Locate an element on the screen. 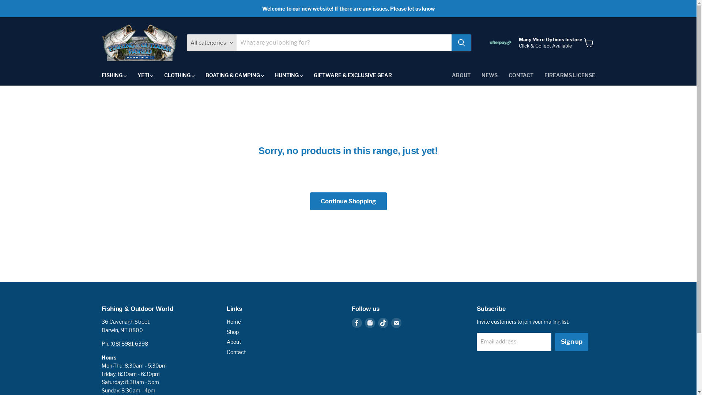 The width and height of the screenshot is (702, 395). 'Find us on TikTok' is located at coordinates (382, 323).